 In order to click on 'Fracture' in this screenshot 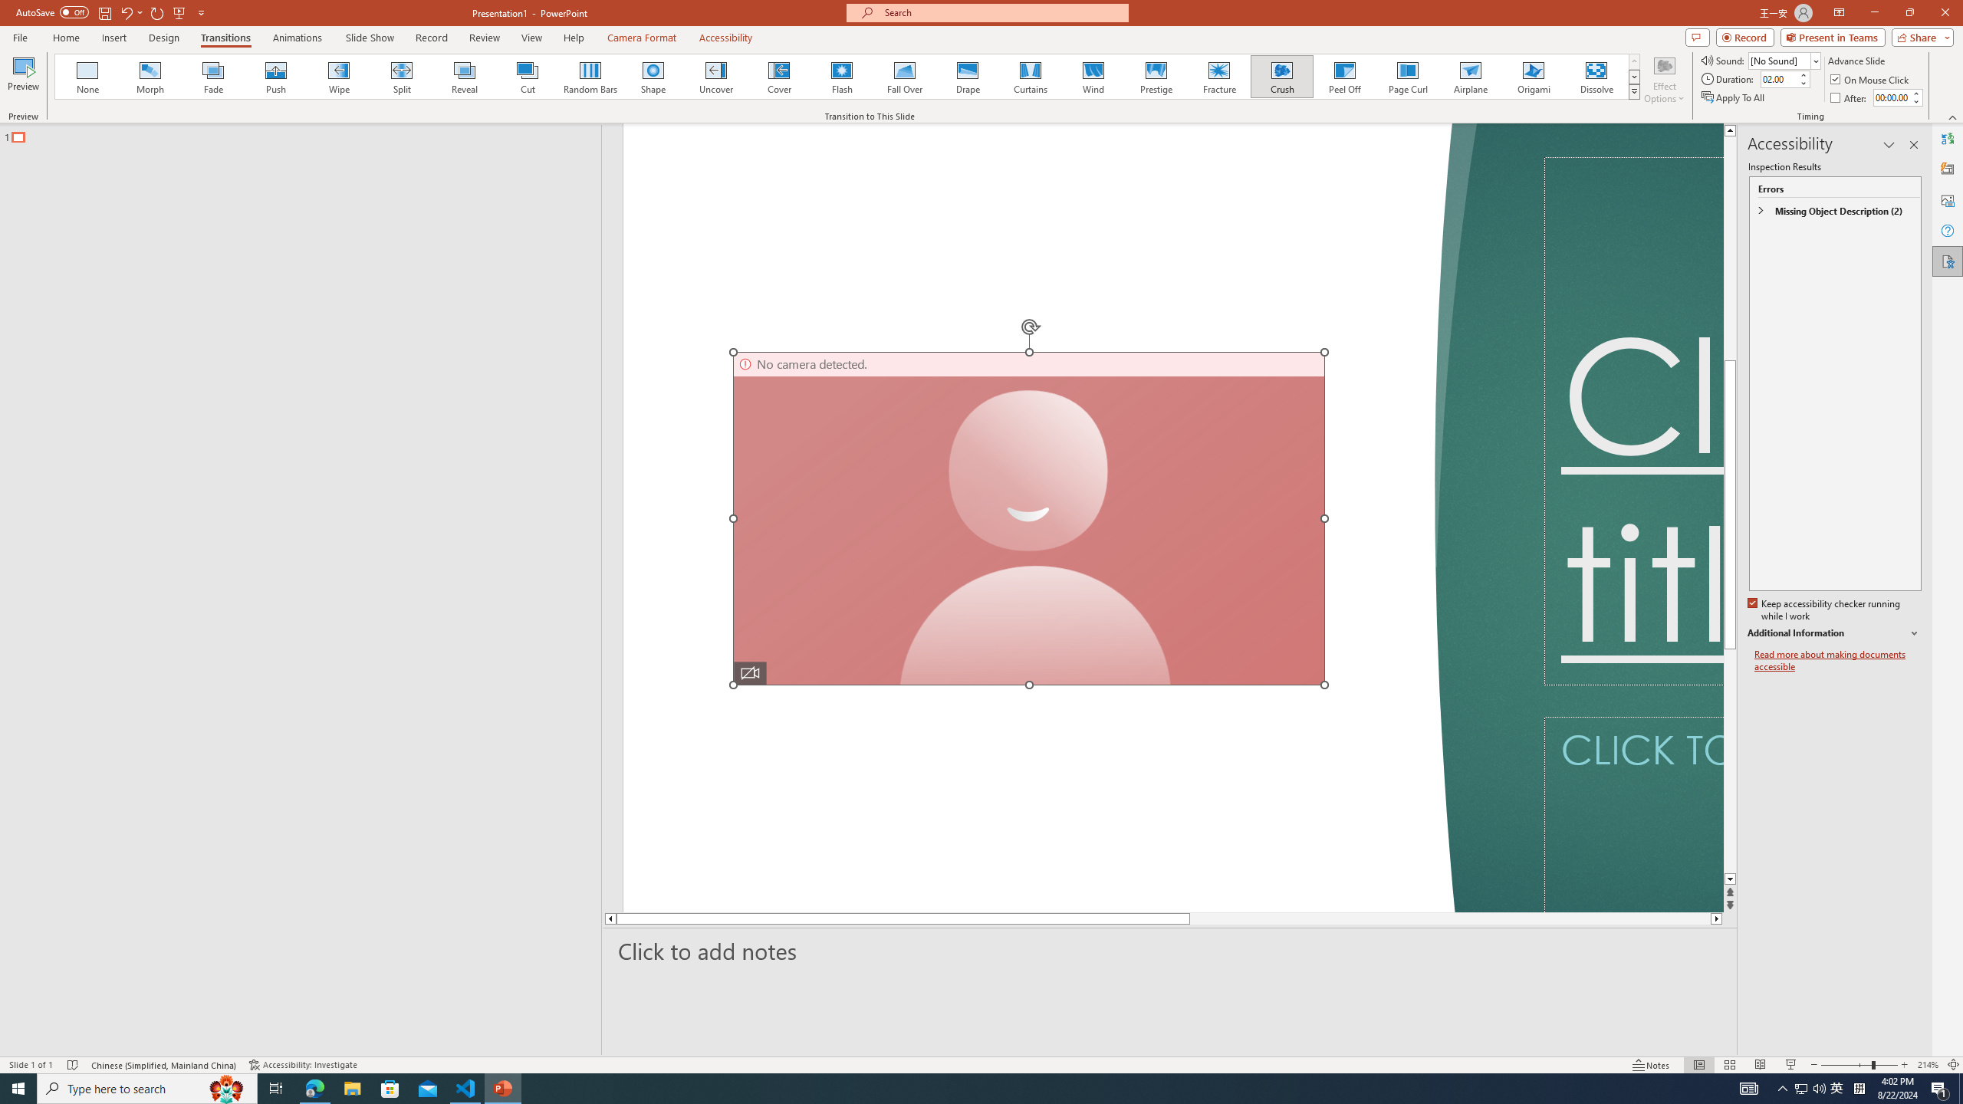, I will do `click(1218, 76)`.